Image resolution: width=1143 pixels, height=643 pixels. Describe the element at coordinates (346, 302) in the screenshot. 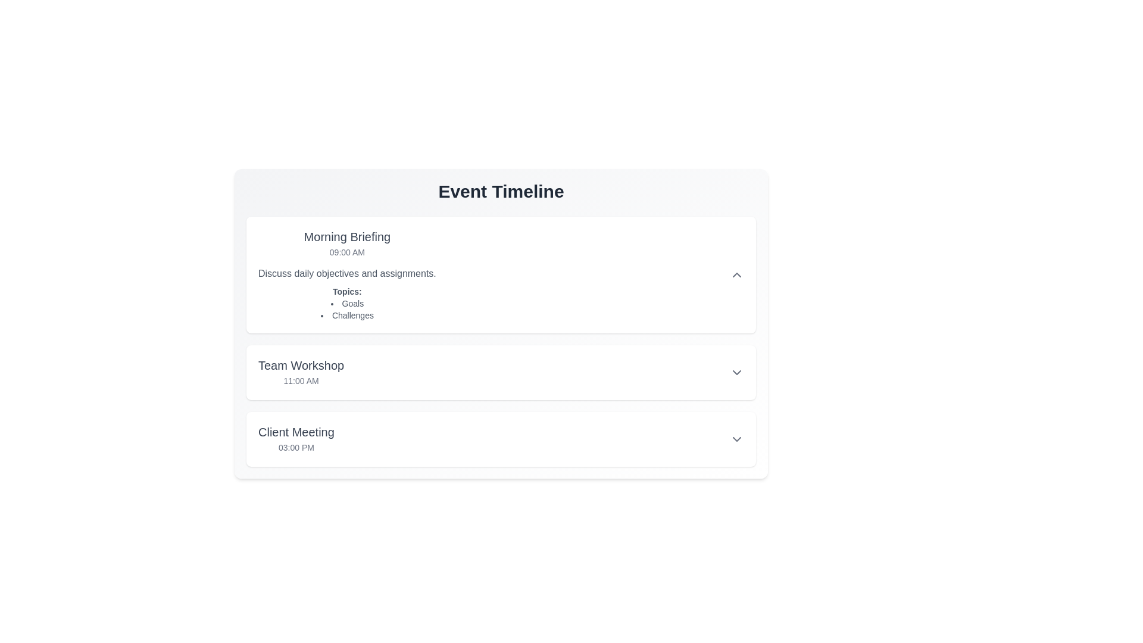

I see `the 'Topics:' text block which lists 'Goals' and 'Challenges' in the 'Morning Briefing' section` at that location.